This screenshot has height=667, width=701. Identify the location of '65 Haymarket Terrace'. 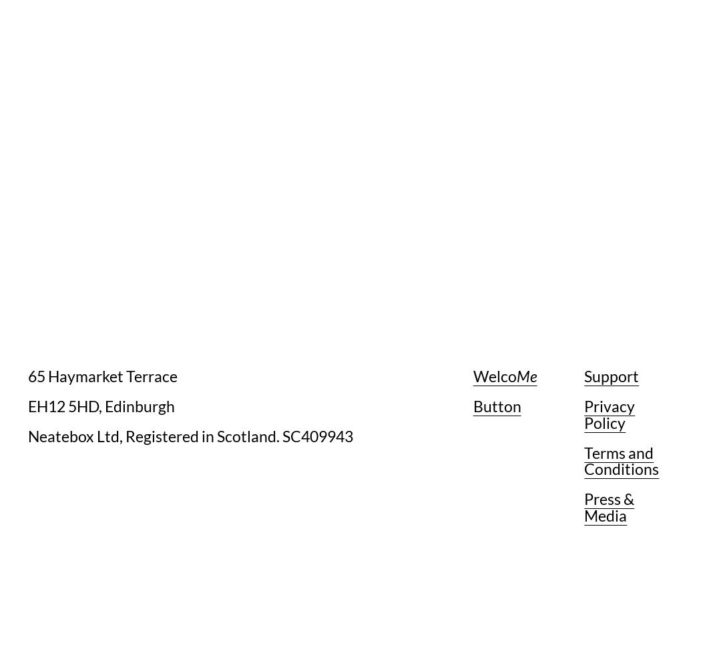
(27, 376).